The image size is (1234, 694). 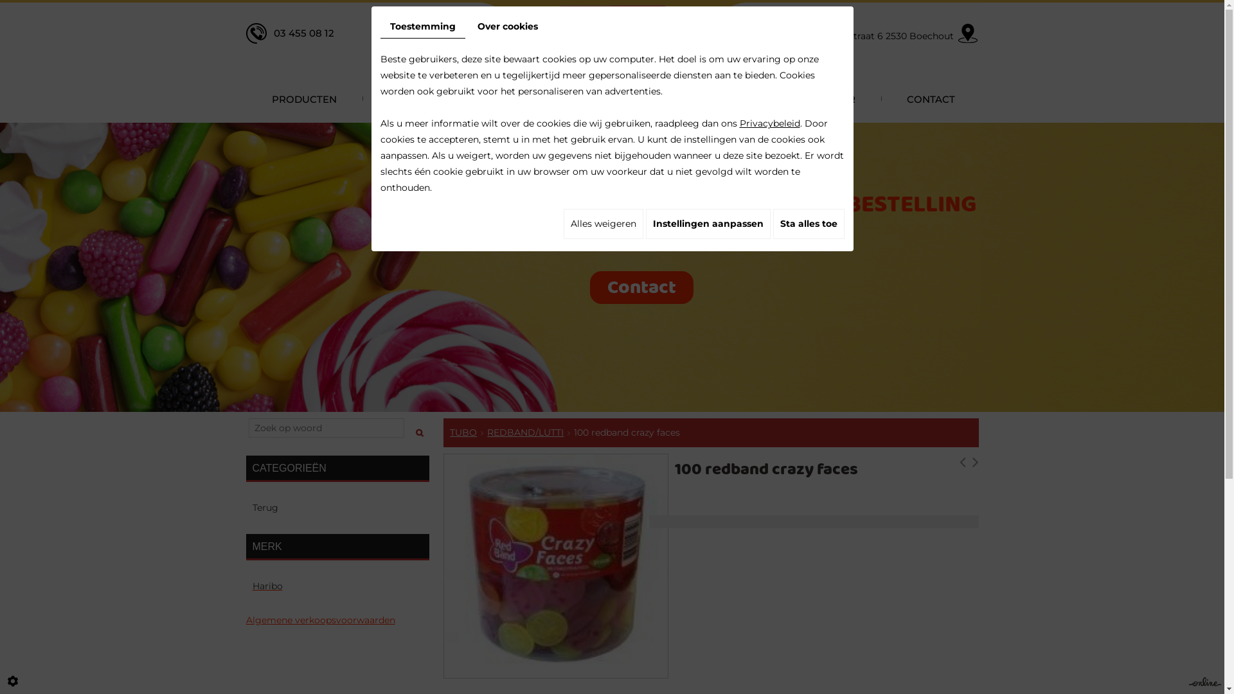 What do you see at coordinates (12, 681) in the screenshot?
I see `'Cookie-instelling bewerken'` at bounding box center [12, 681].